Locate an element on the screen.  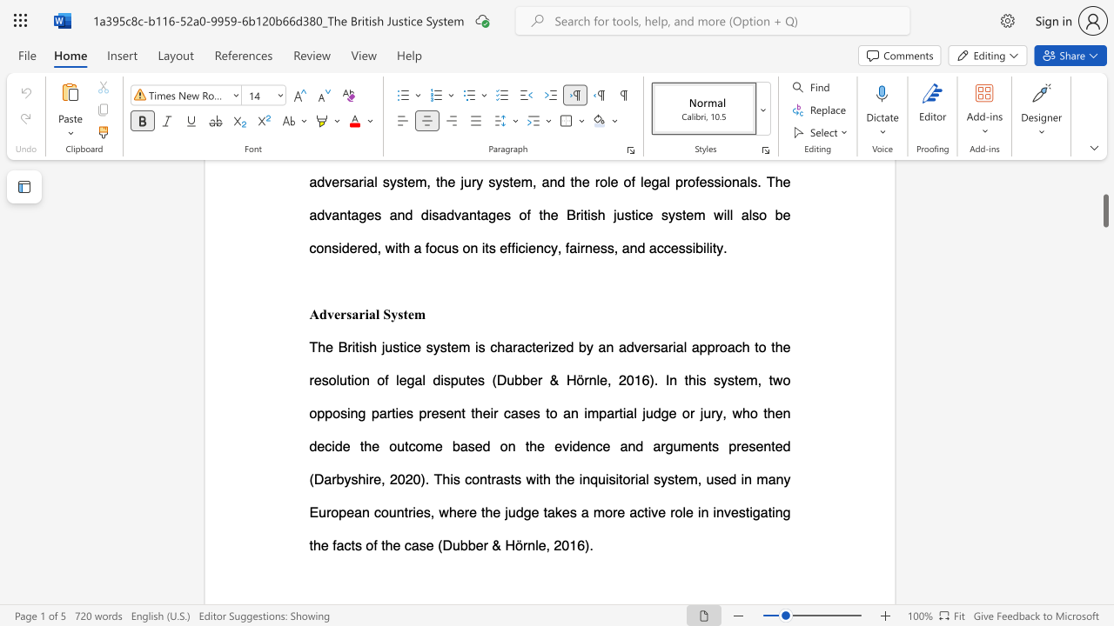
the scrollbar to scroll the page up is located at coordinates (1104, 285).